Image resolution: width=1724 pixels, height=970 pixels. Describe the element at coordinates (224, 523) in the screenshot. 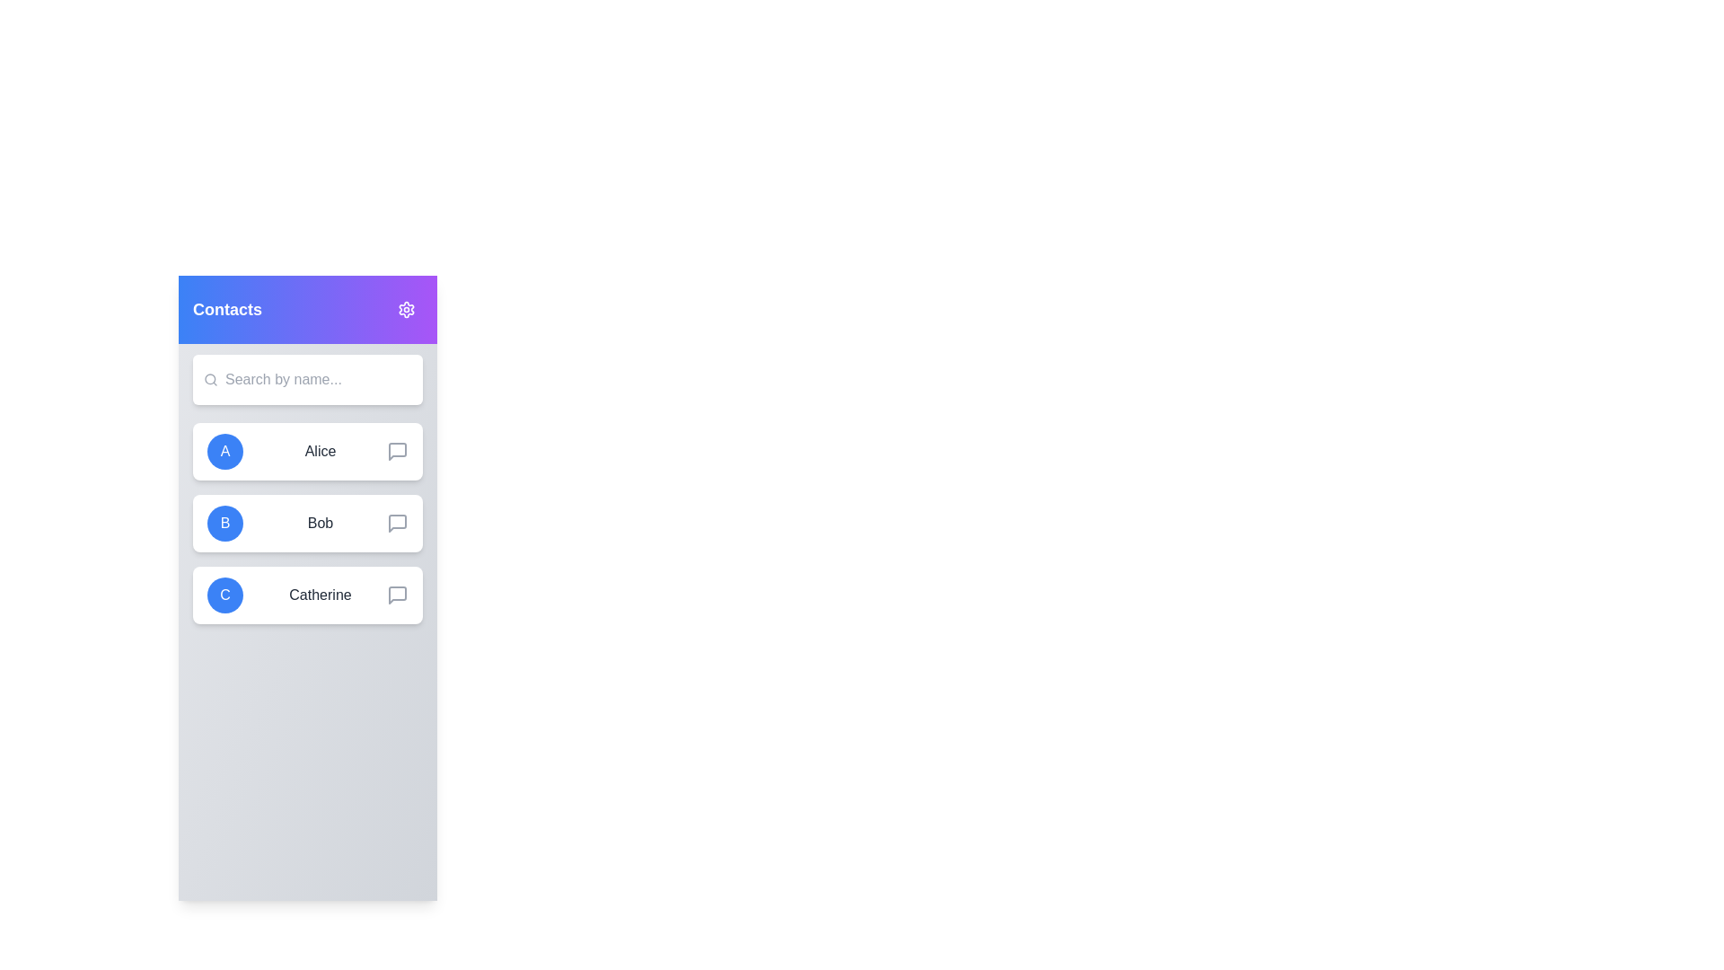

I see `the avatar of Bob` at that location.